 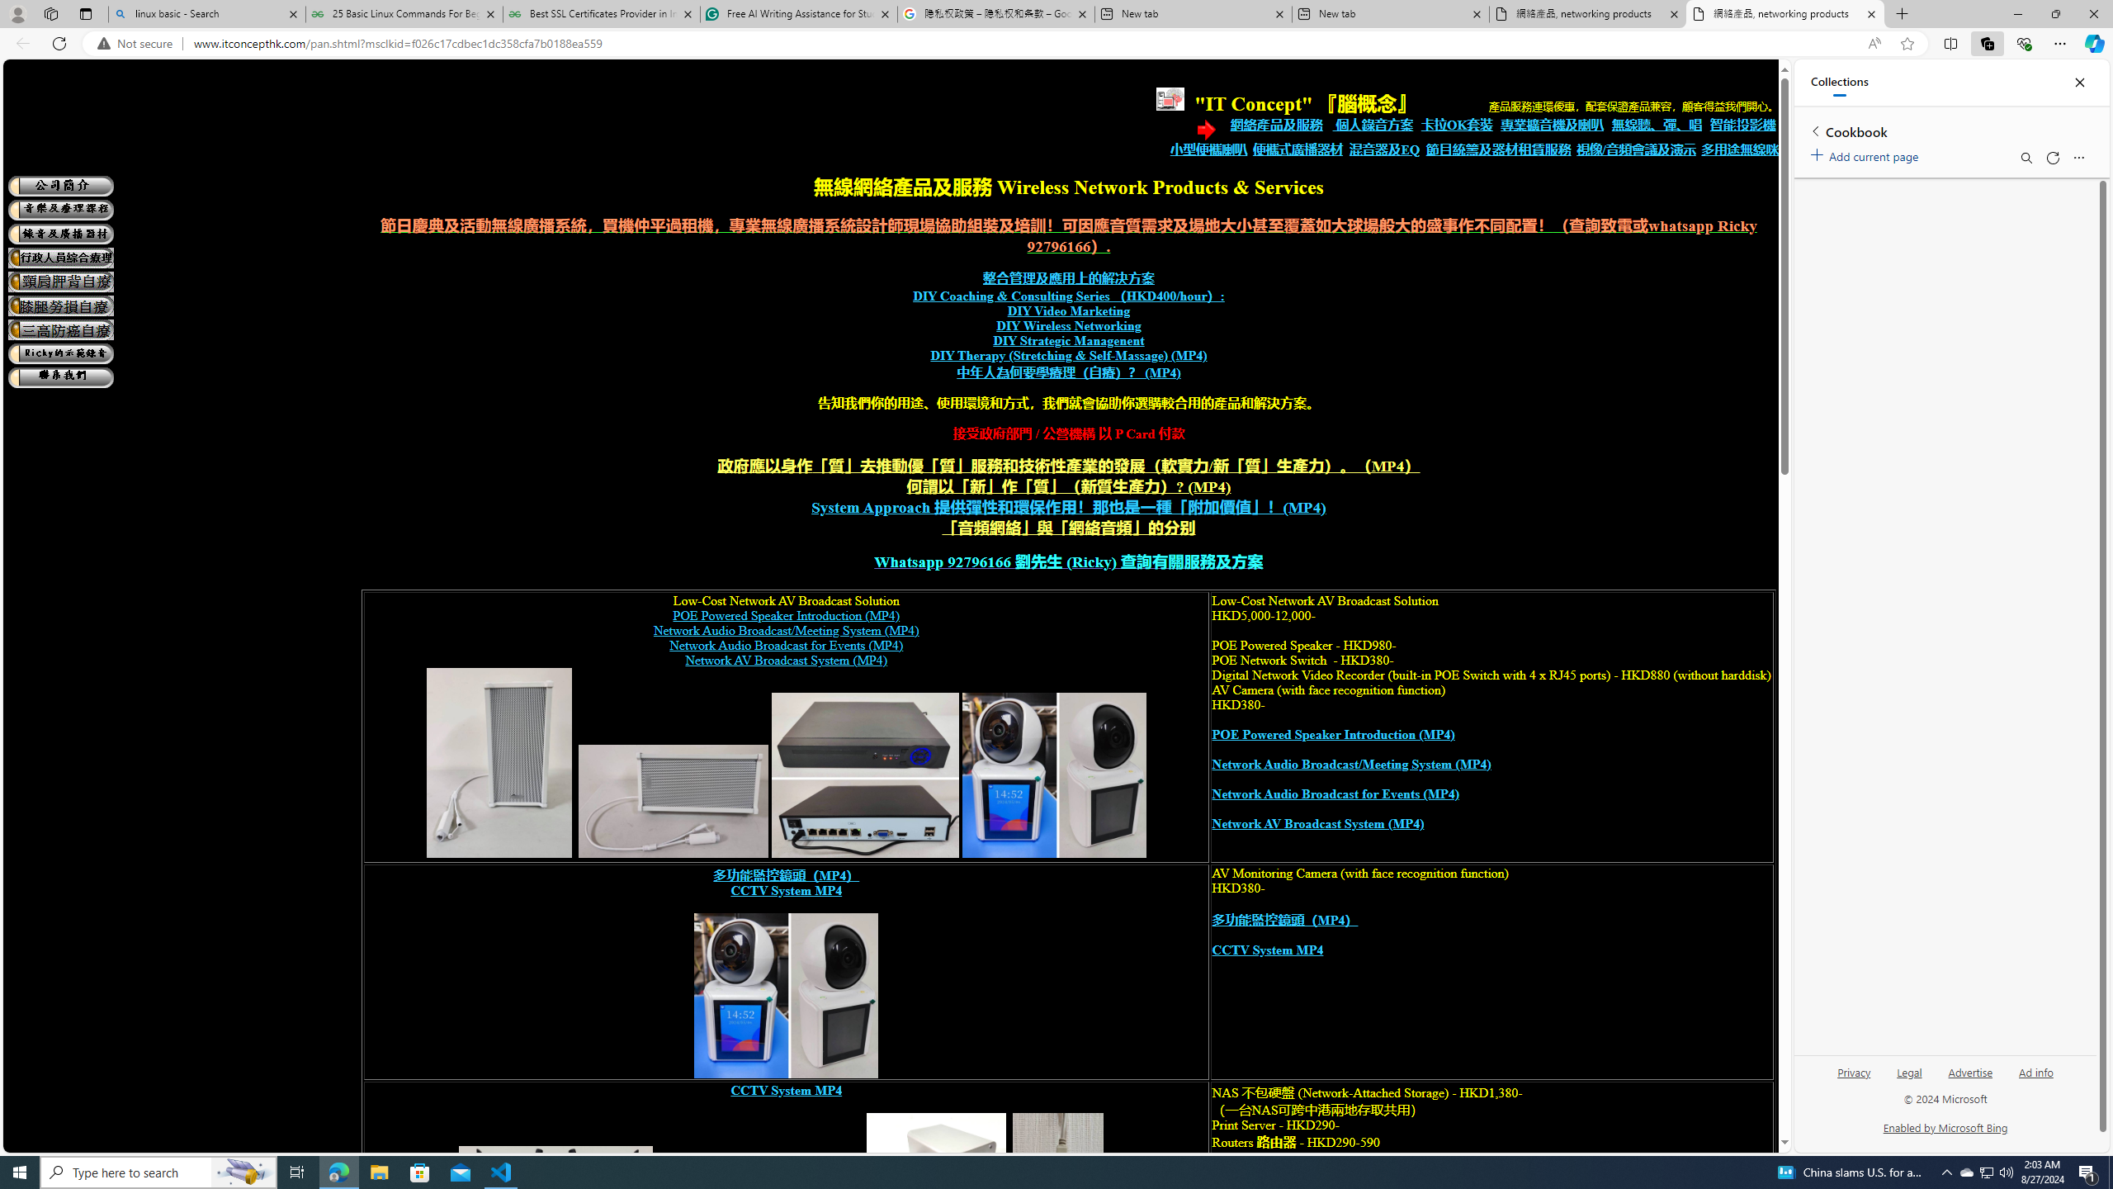 What do you see at coordinates (602, 13) in the screenshot?
I see `'Best SSL Certificates Provider in India - GeeksforGeeks'` at bounding box center [602, 13].